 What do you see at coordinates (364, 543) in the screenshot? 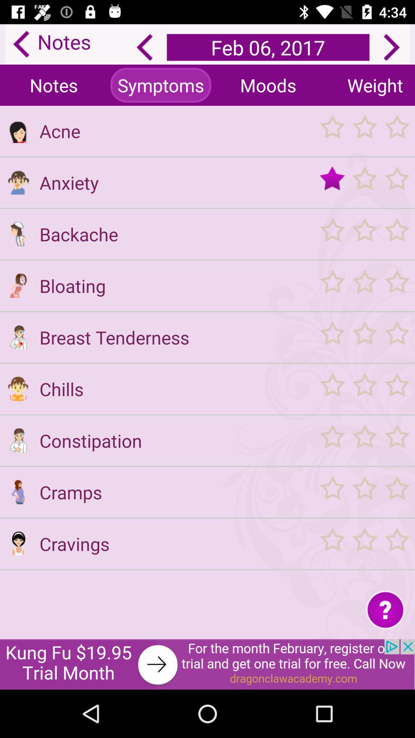
I see `a star rating` at bounding box center [364, 543].